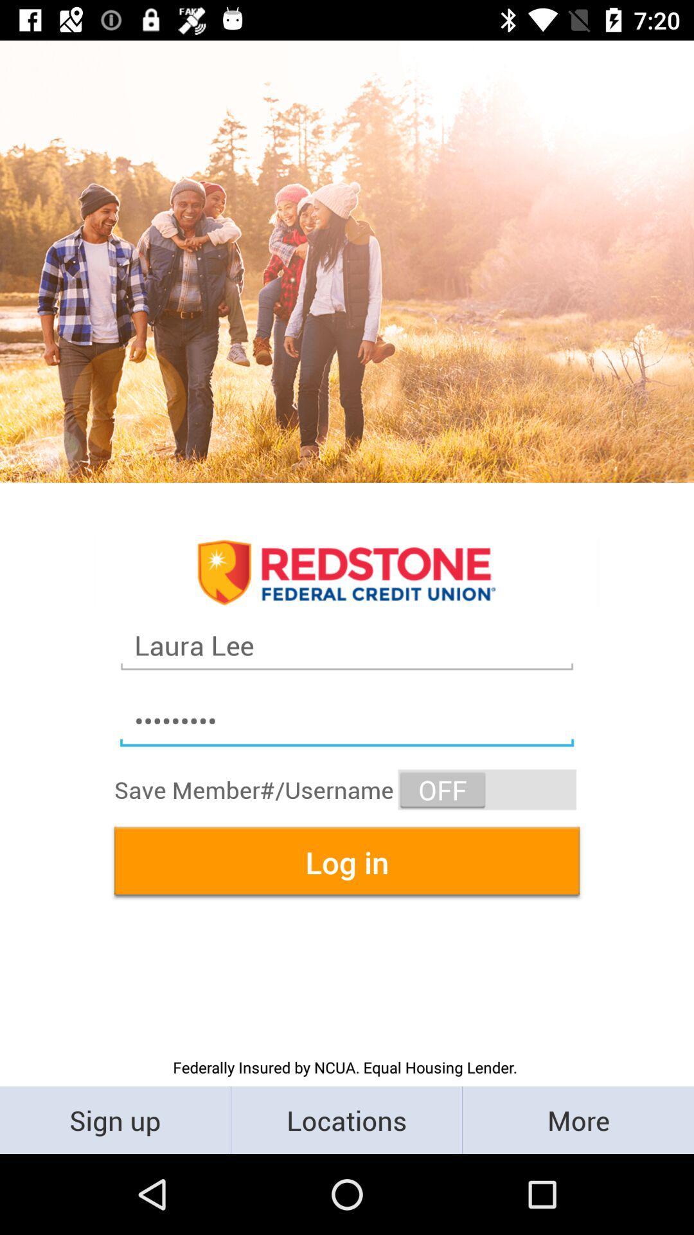 This screenshot has height=1235, width=694. Describe the element at coordinates (577, 1119) in the screenshot. I see `item below the federally insured by` at that location.